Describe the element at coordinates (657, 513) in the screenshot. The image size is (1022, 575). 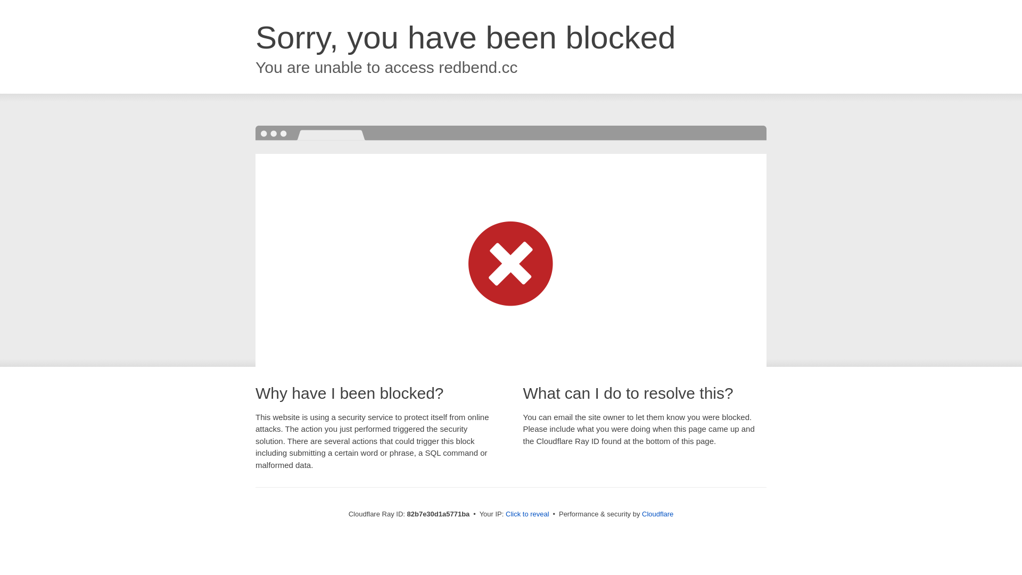
I see `'Cloudflare'` at that location.